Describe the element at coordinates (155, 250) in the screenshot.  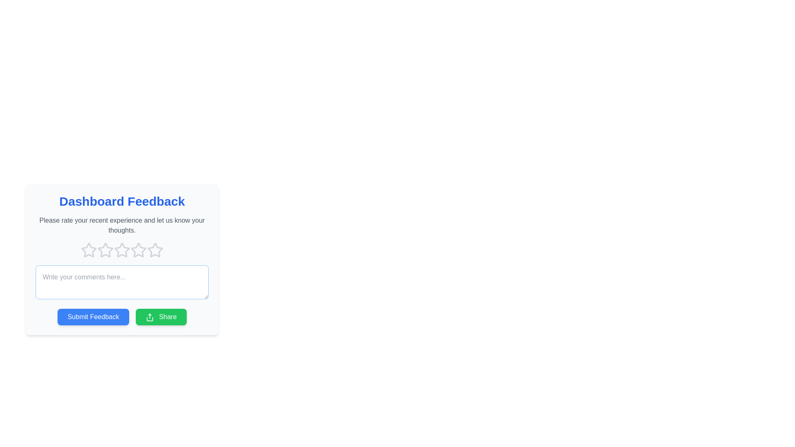
I see `the fifth star icon in the rating interface` at that location.